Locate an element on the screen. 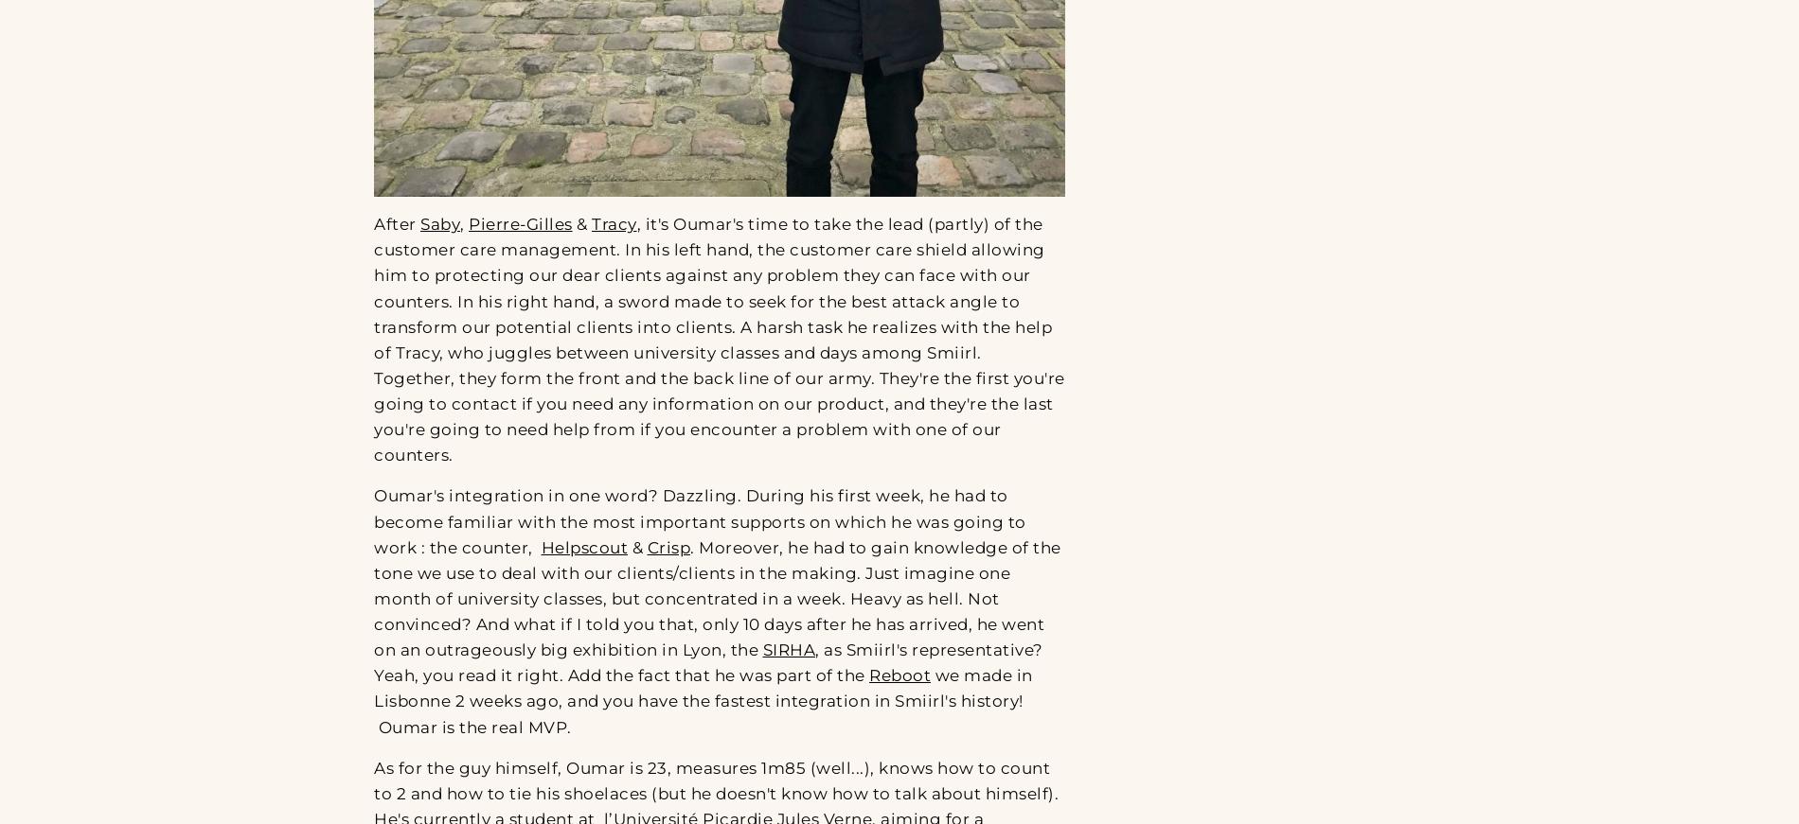 The height and width of the screenshot is (824, 1799). ',' is located at coordinates (460, 223).